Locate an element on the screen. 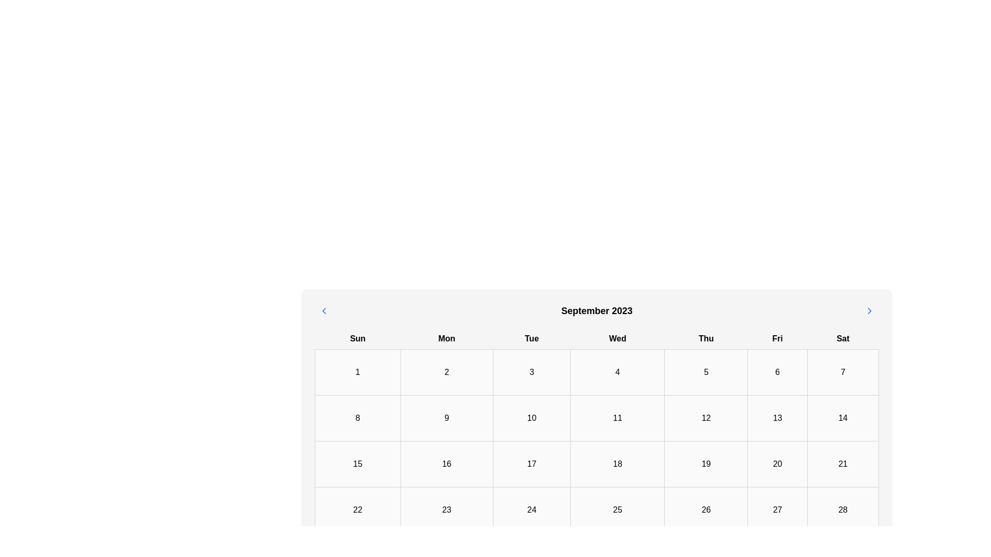 This screenshot has height=557, width=991. the Calendar Day Cell containing the number '12' is located at coordinates (706, 418).